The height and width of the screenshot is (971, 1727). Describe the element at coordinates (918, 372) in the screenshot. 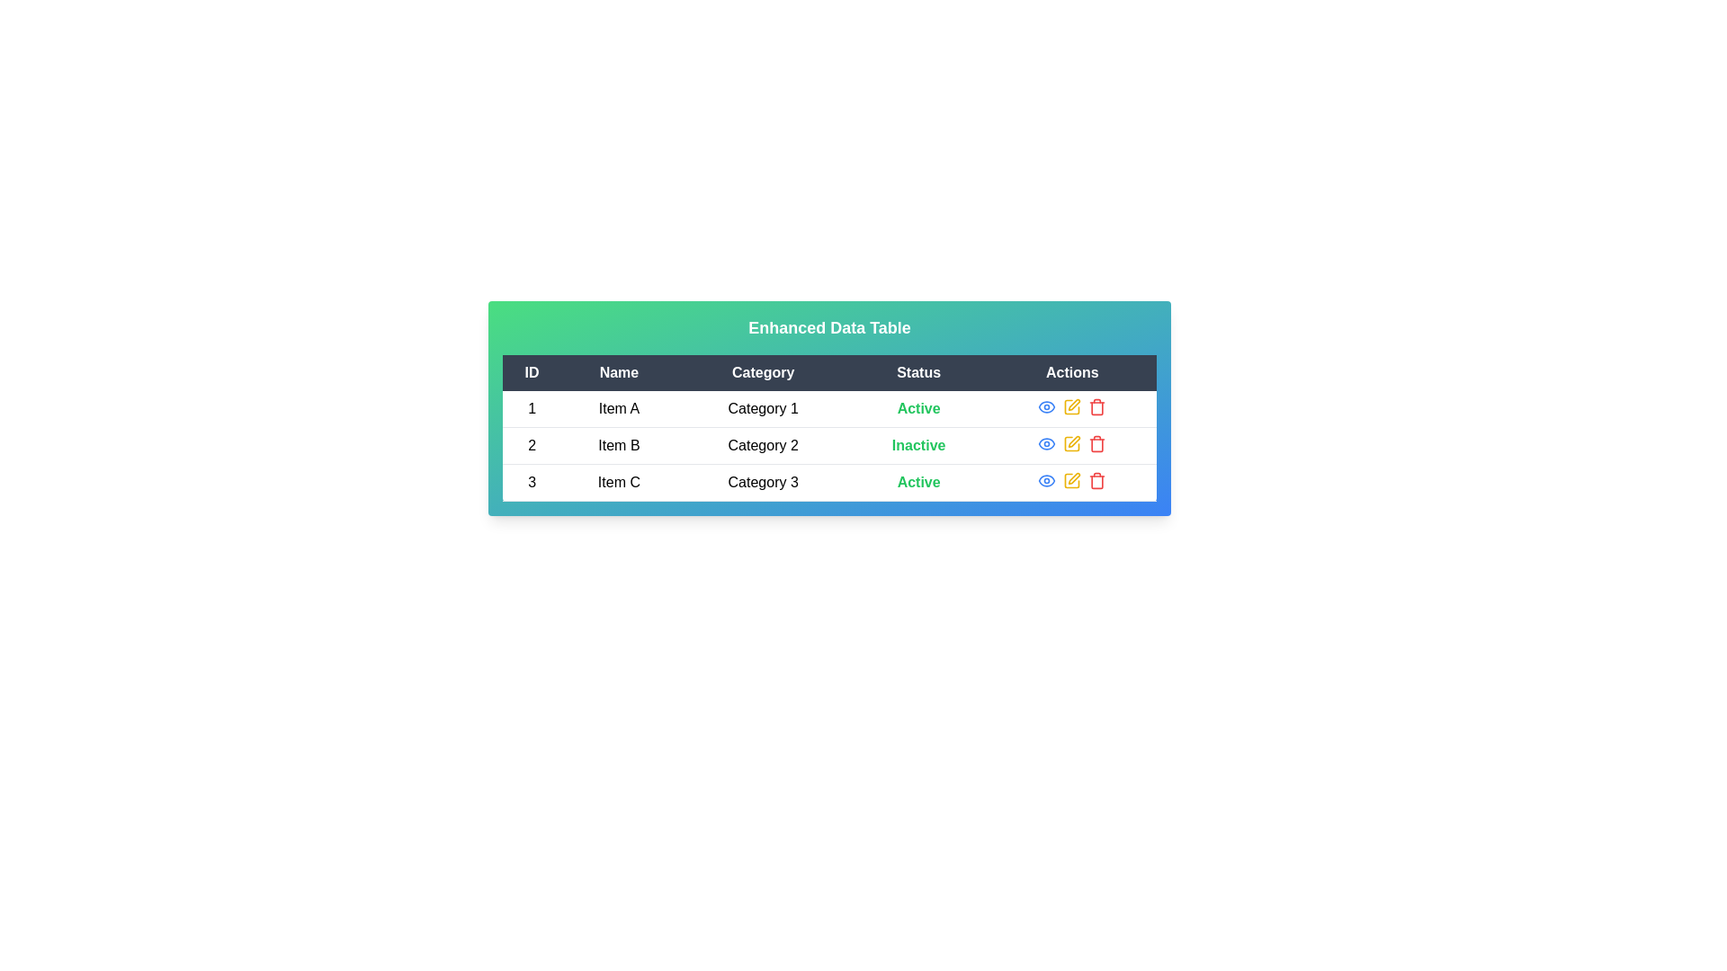

I see `the column header 'Status' to sort the rows by that column` at that location.